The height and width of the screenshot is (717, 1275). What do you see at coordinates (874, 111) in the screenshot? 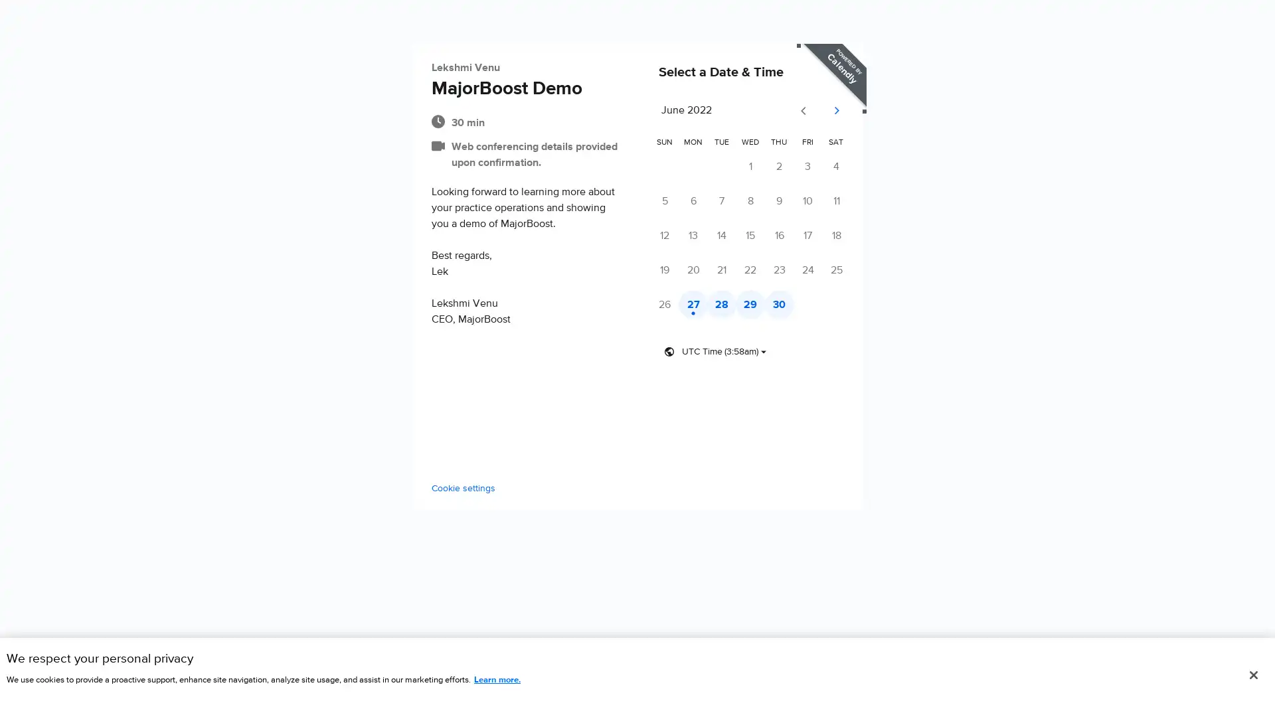
I see `Go to next month` at bounding box center [874, 111].